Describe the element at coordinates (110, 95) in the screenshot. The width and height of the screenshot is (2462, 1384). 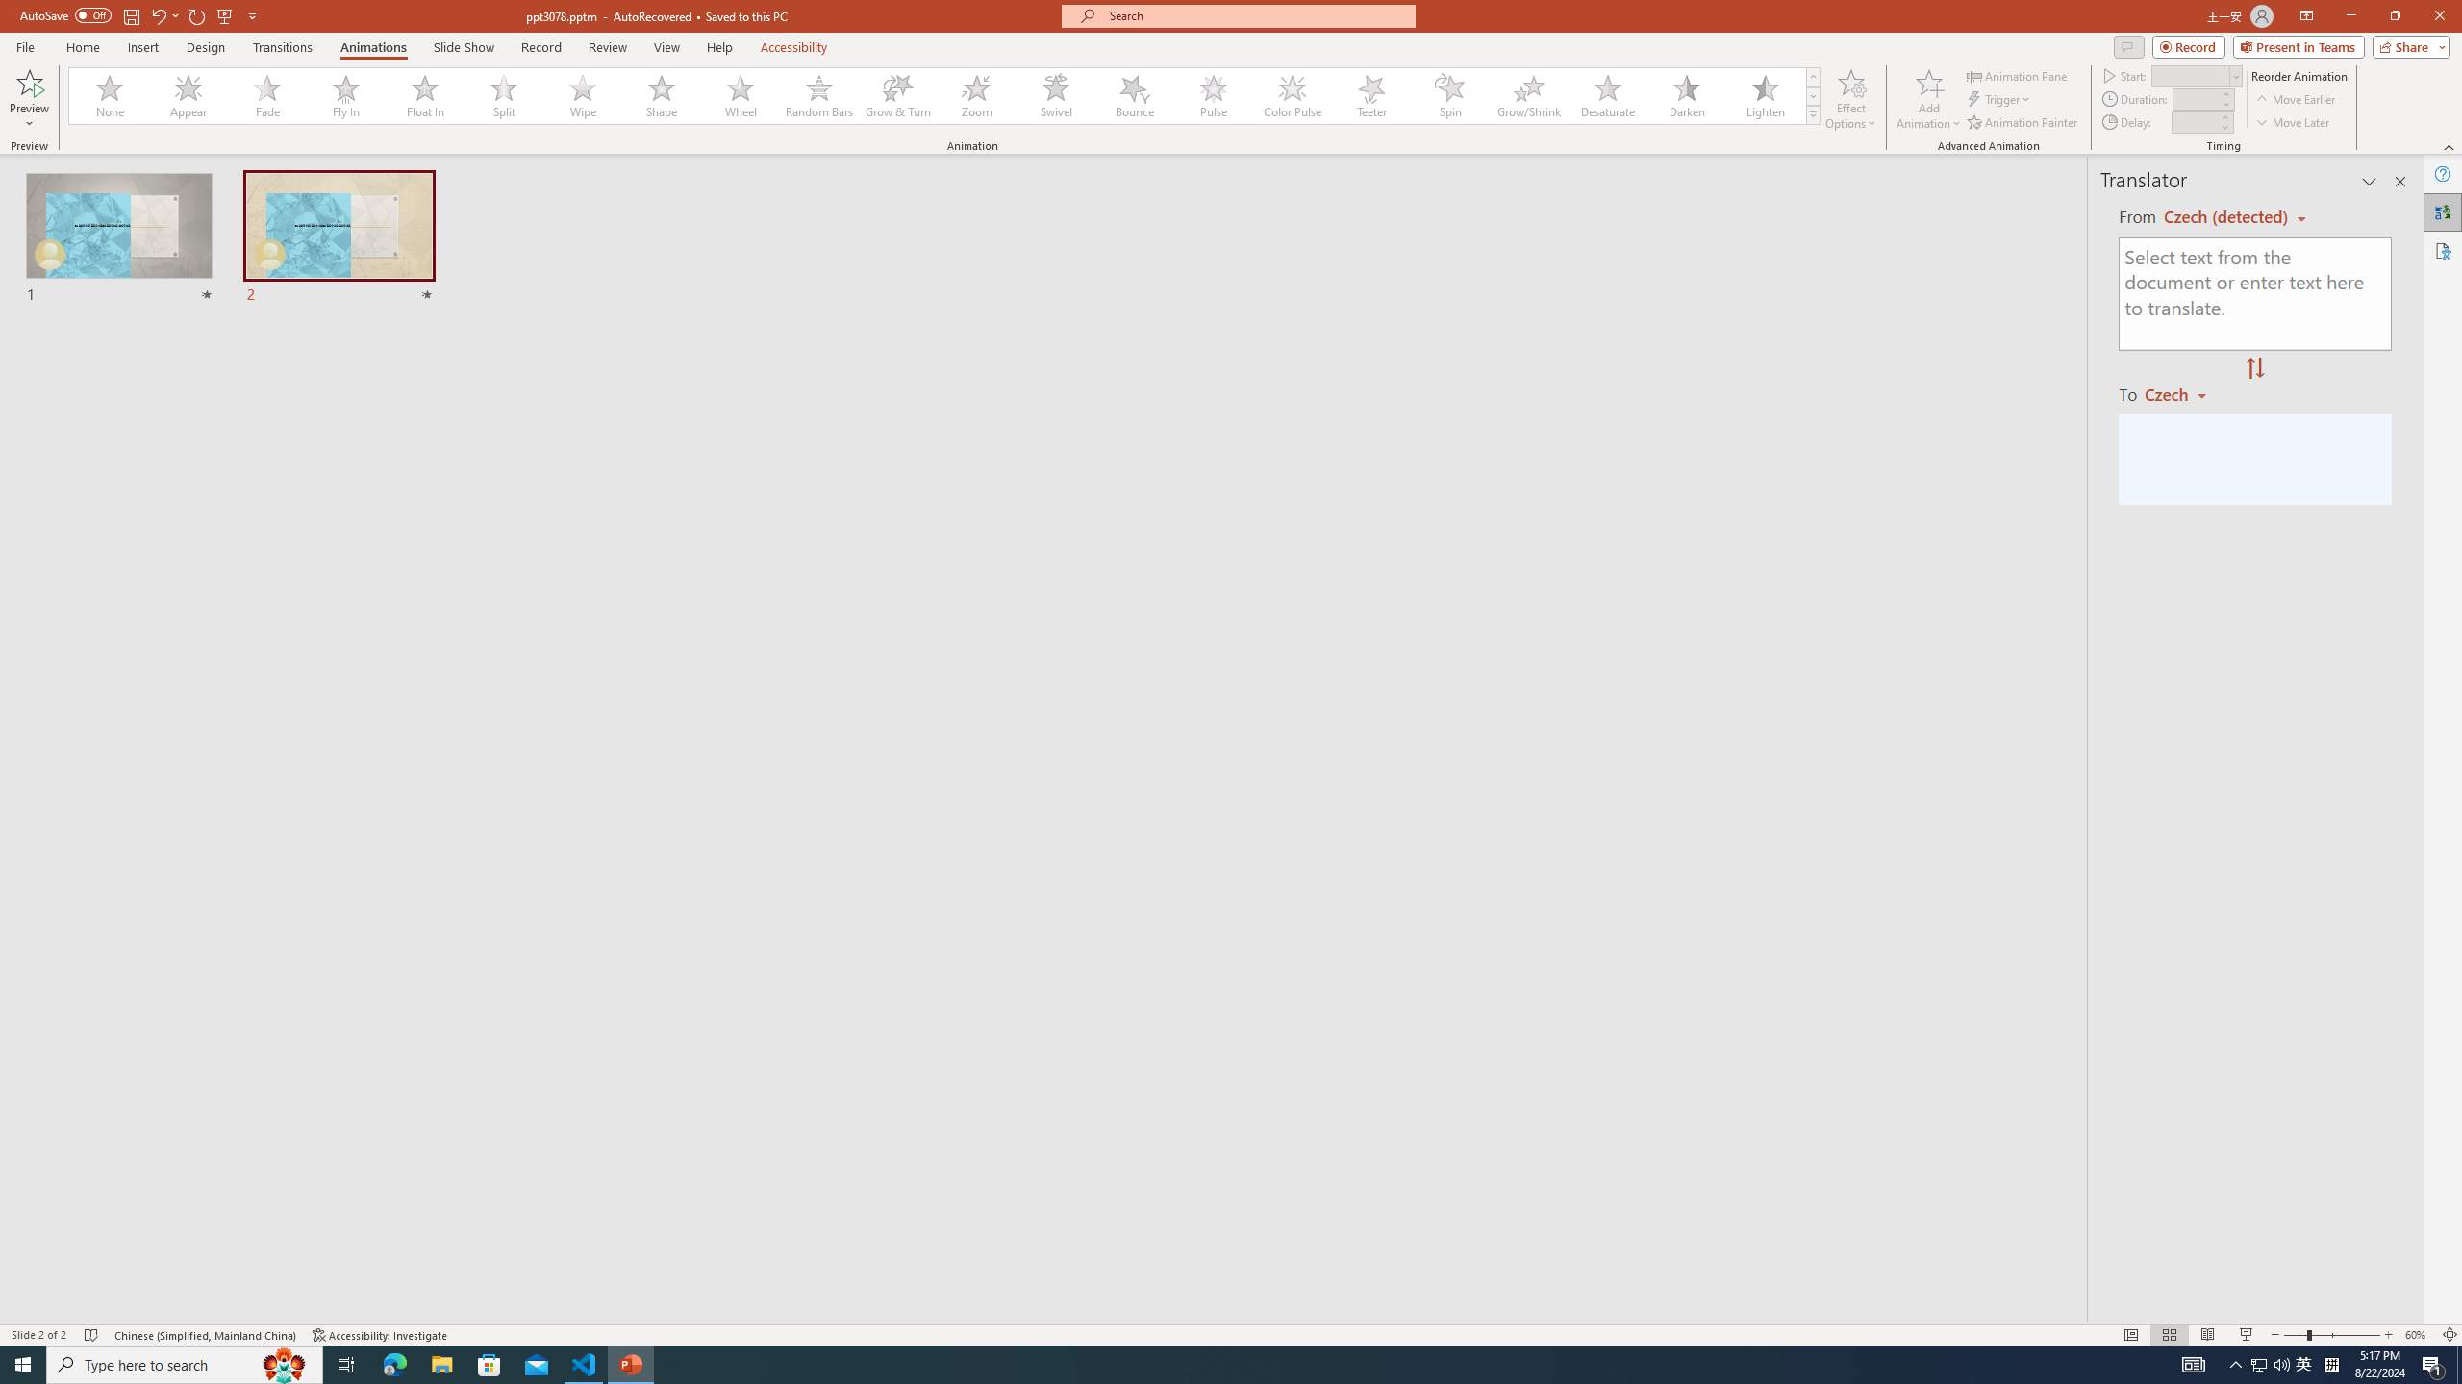
I see `'None'` at that location.